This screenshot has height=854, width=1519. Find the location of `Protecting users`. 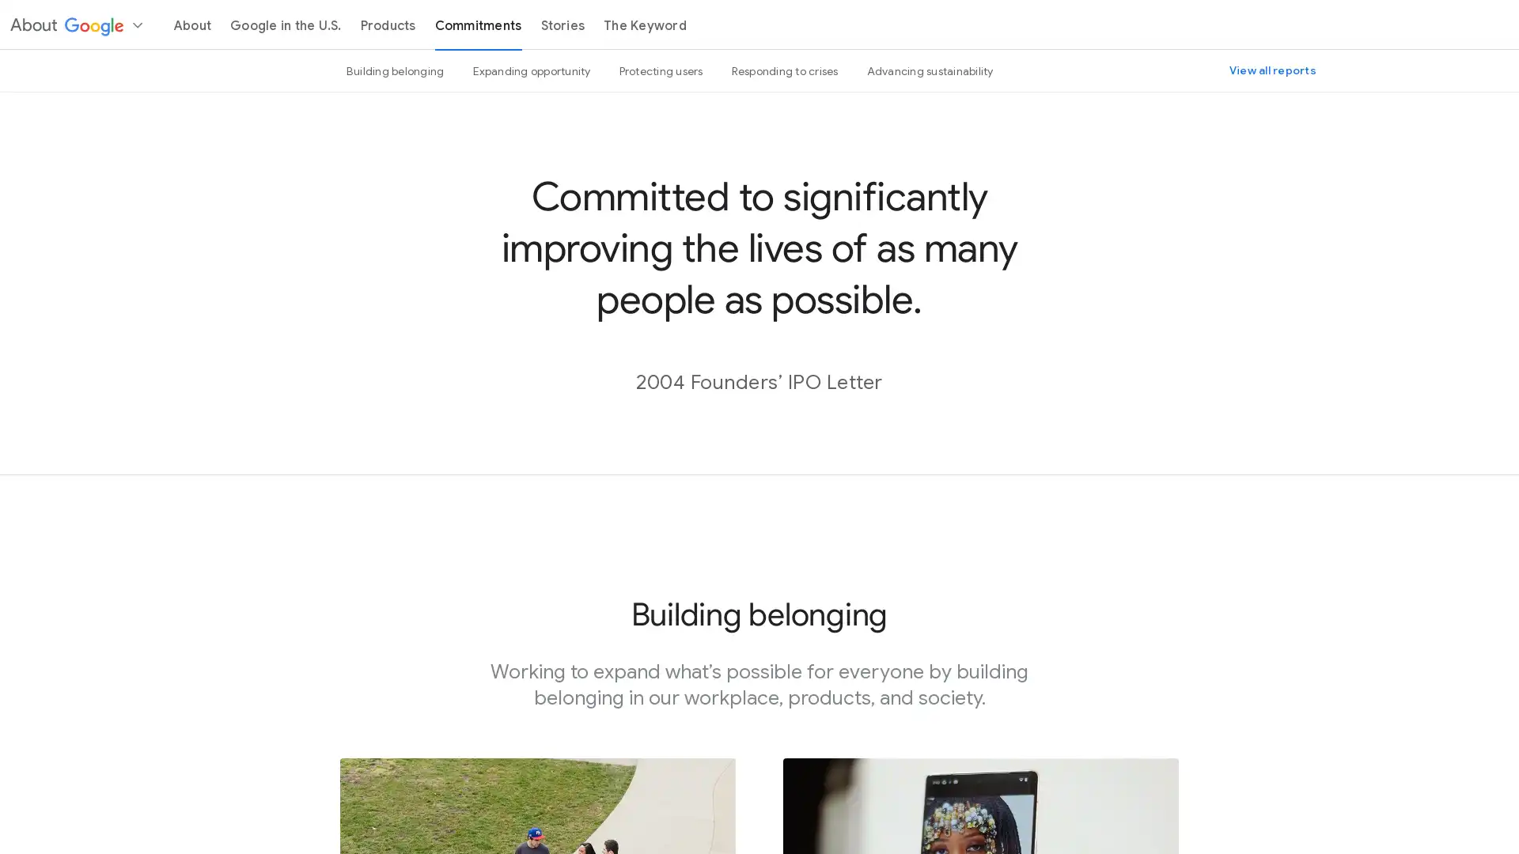

Protecting users is located at coordinates (661, 70).